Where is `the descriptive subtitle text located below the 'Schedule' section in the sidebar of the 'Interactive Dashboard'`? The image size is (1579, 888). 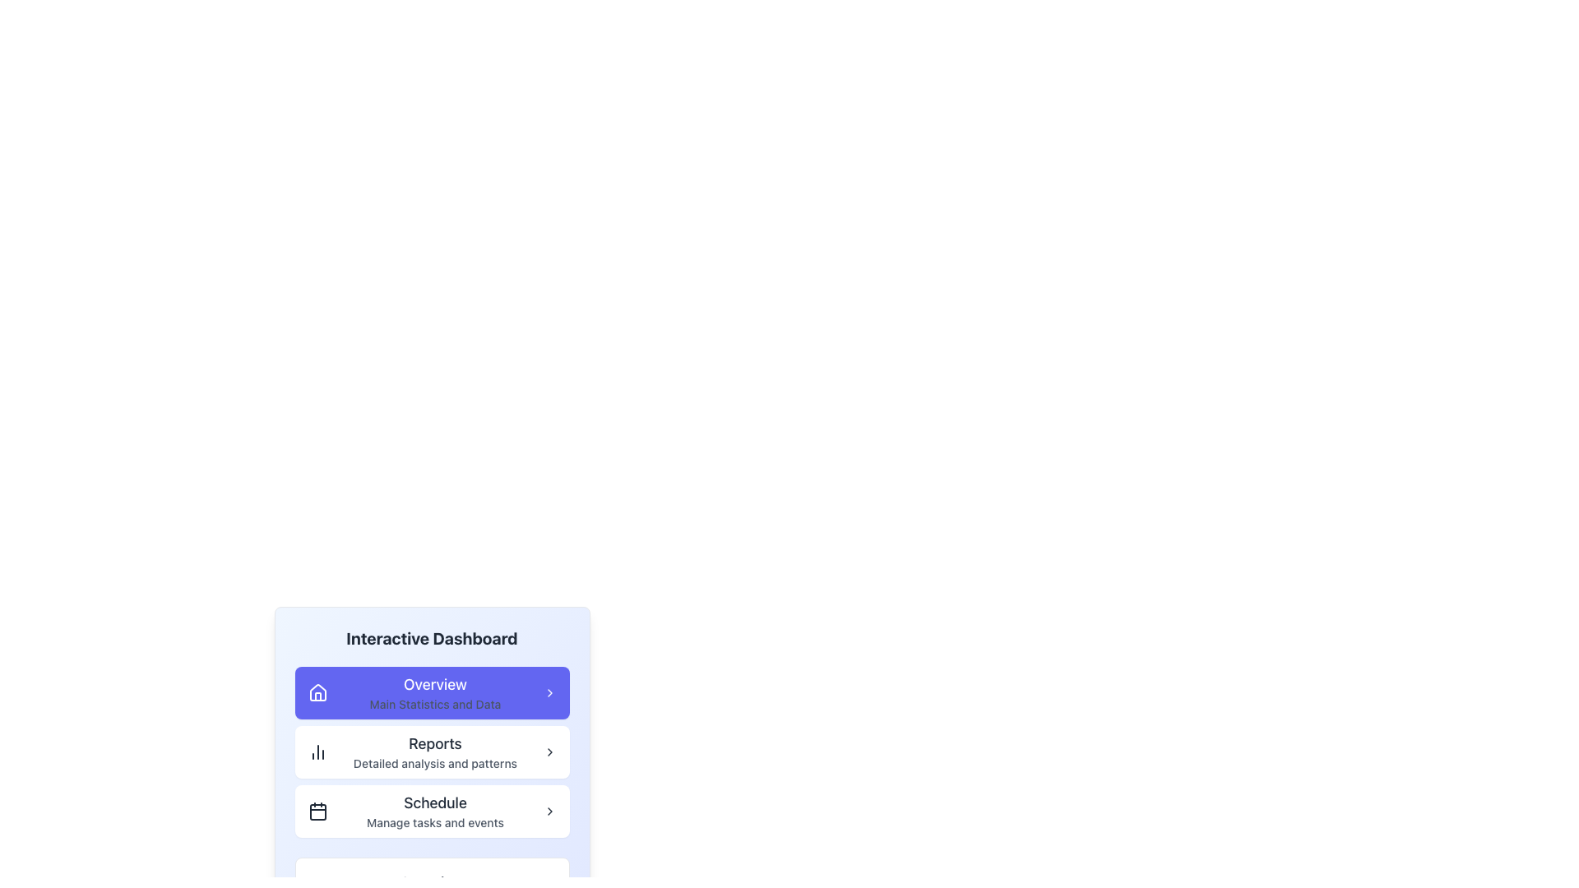
the descriptive subtitle text located below the 'Schedule' section in the sidebar of the 'Interactive Dashboard' is located at coordinates (435, 823).